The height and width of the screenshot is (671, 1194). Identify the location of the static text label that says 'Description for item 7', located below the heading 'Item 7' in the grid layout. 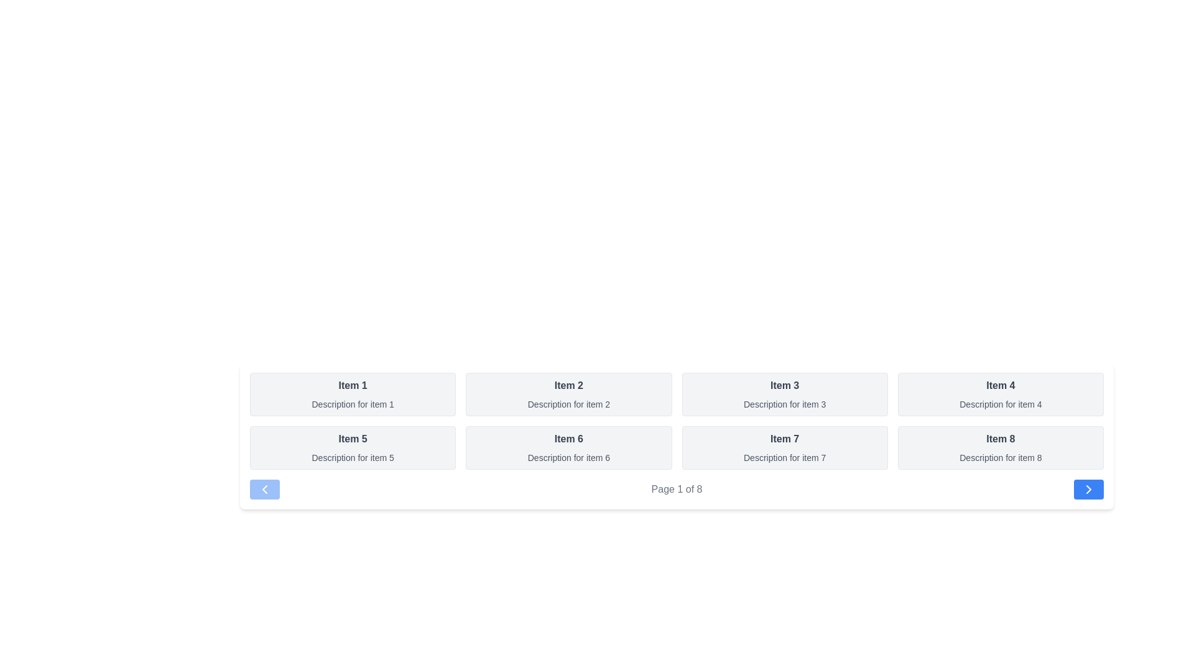
(784, 457).